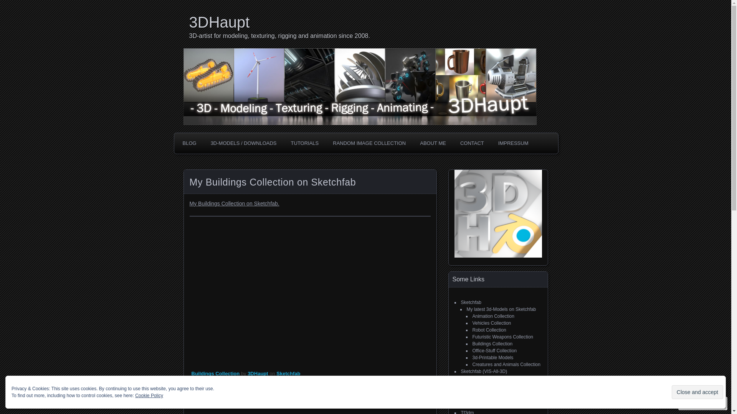  What do you see at coordinates (369, 143) in the screenshot?
I see `'RANDOM IMAGE COLLECTION'` at bounding box center [369, 143].